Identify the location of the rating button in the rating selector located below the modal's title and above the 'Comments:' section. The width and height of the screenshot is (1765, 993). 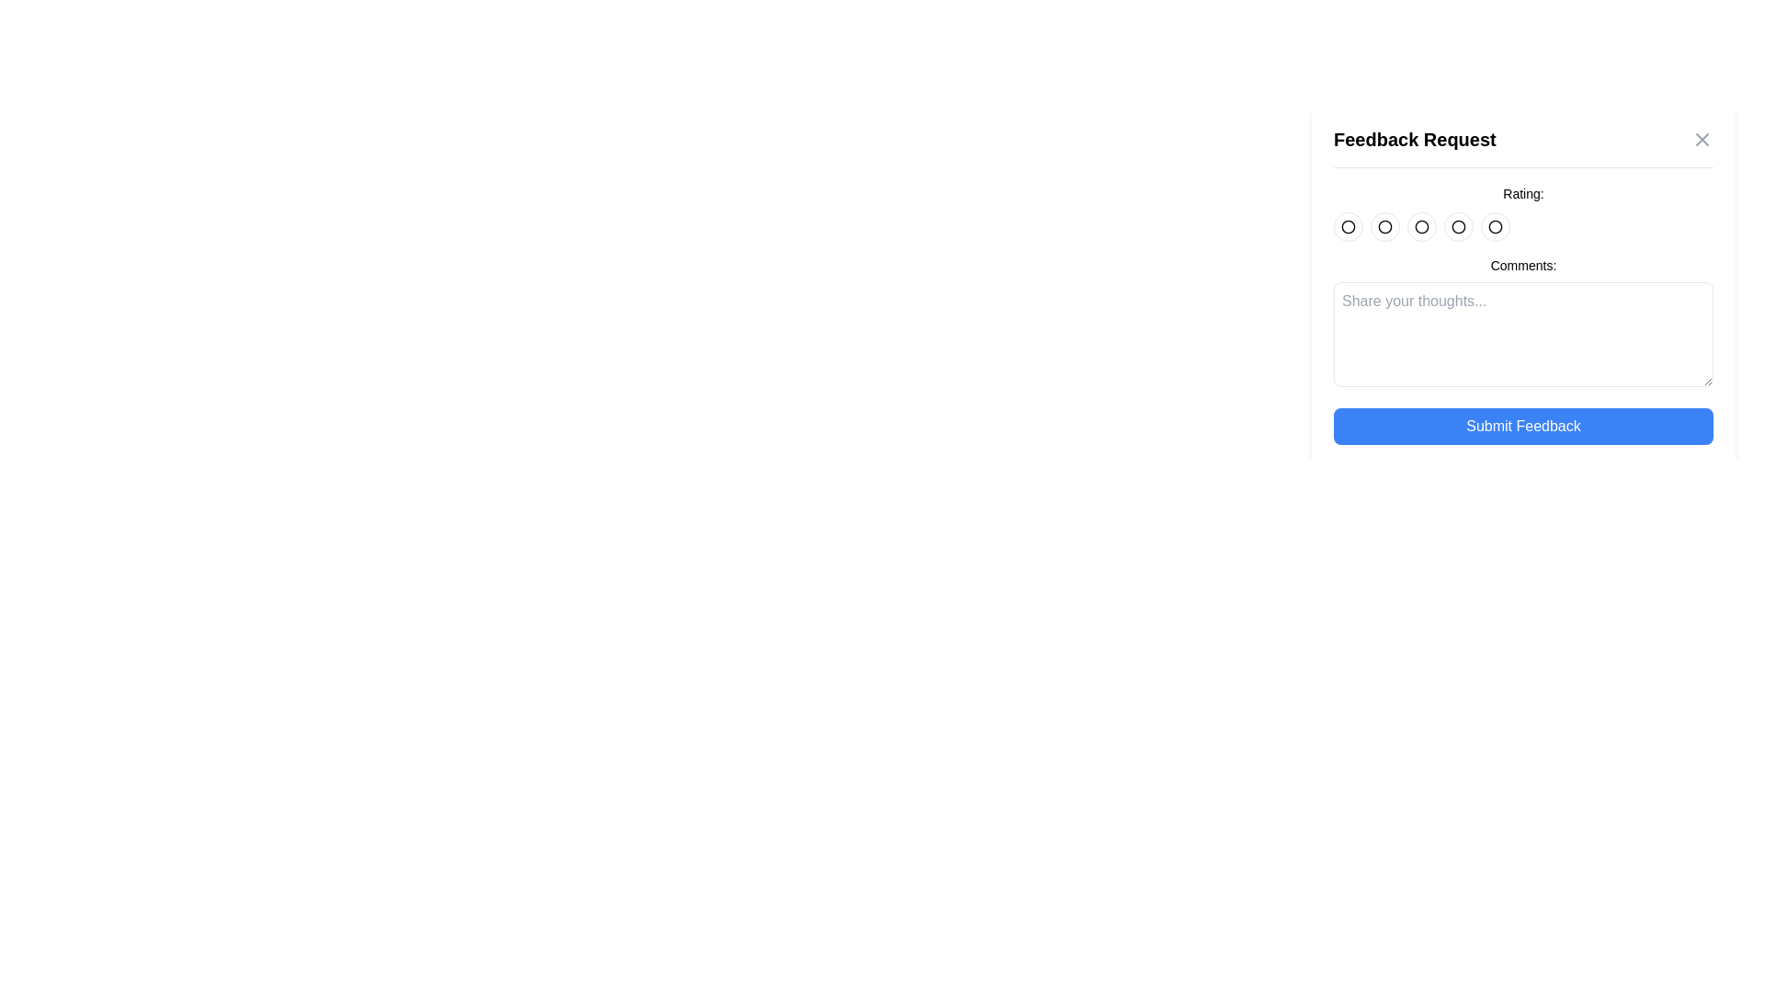
(1523, 211).